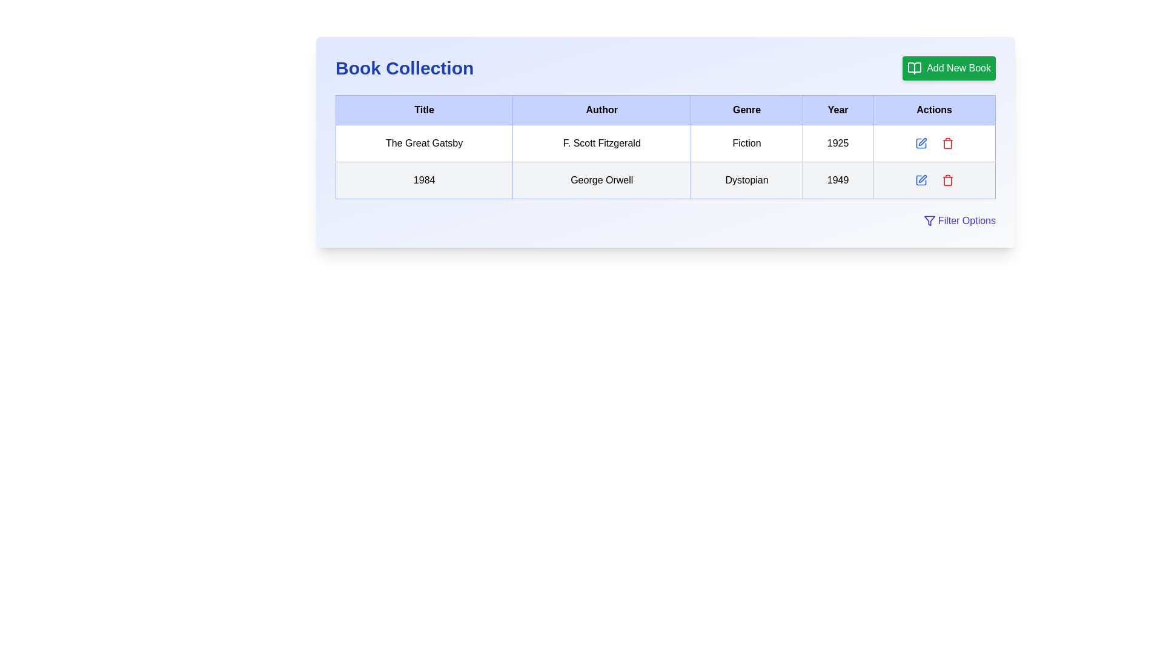 This screenshot has height=654, width=1163. Describe the element at coordinates (424, 110) in the screenshot. I see `the header cell with a light blue background and bold text label 'Title' in the table's header row, positioned at the far left` at that location.